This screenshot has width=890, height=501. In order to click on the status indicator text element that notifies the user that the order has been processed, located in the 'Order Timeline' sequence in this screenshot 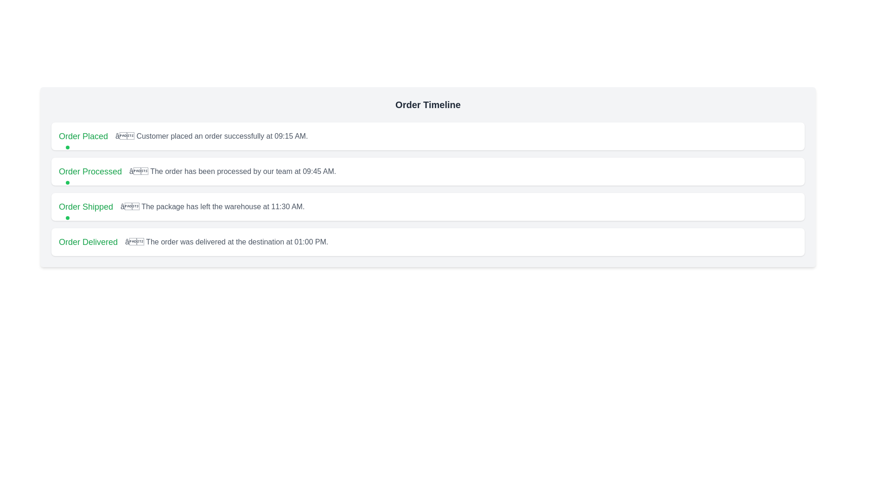, I will do `click(90, 172)`.